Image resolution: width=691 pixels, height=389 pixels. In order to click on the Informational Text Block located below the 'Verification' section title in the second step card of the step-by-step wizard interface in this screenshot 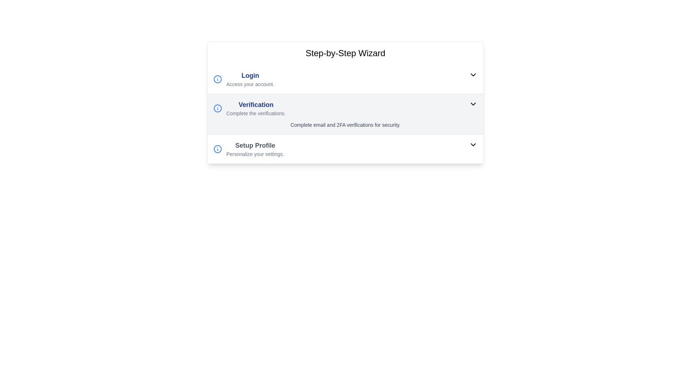, I will do `click(345, 125)`.